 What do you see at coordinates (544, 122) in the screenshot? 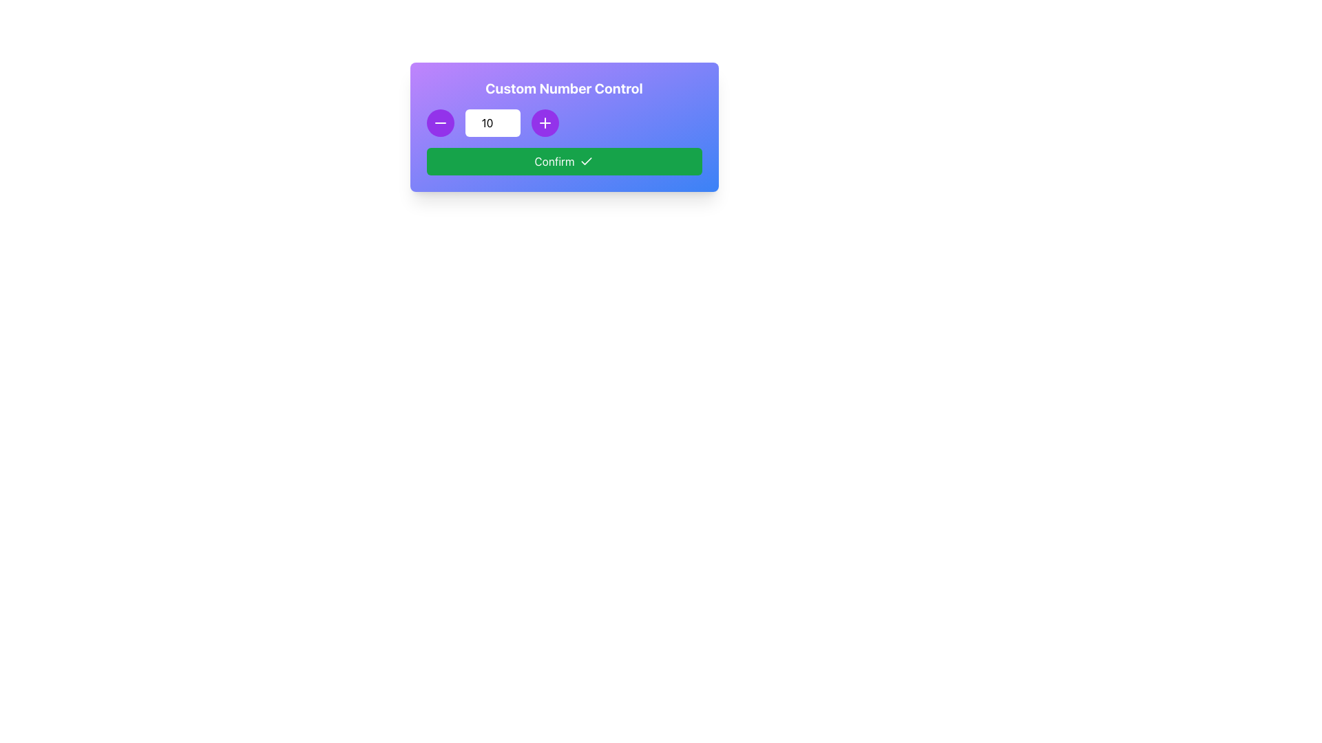
I see `the purple circular button with a white plus sign, located to the right of the numeric input box, for keyboard interaction` at bounding box center [544, 122].